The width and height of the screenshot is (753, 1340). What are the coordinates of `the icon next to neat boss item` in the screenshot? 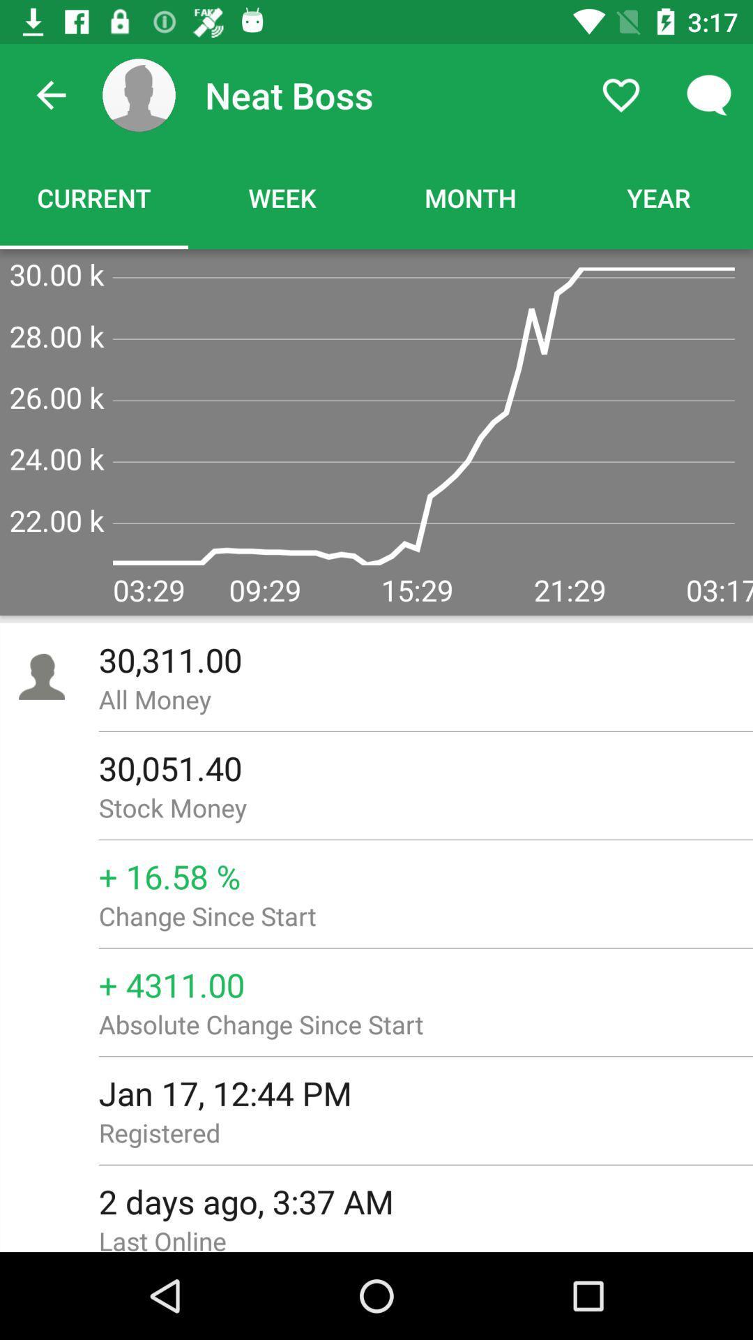 It's located at (139, 94).